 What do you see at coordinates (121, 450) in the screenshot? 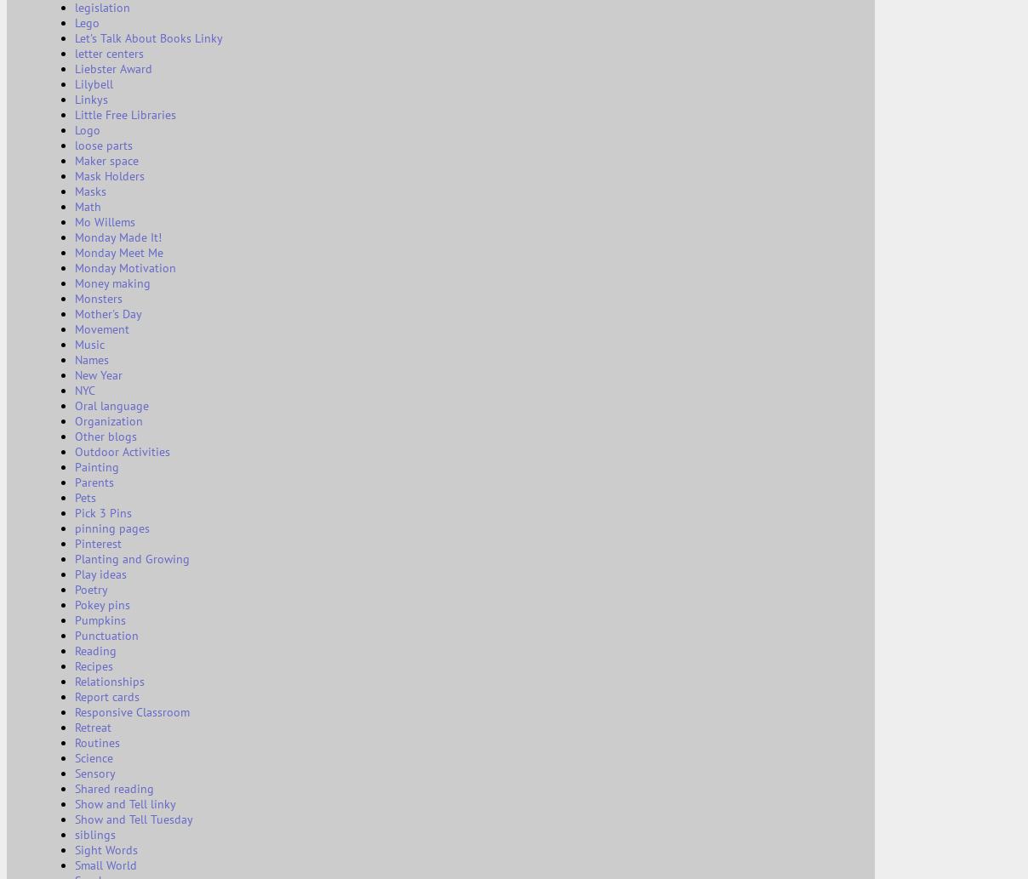
I see `'Outdoor Activities'` at bounding box center [121, 450].